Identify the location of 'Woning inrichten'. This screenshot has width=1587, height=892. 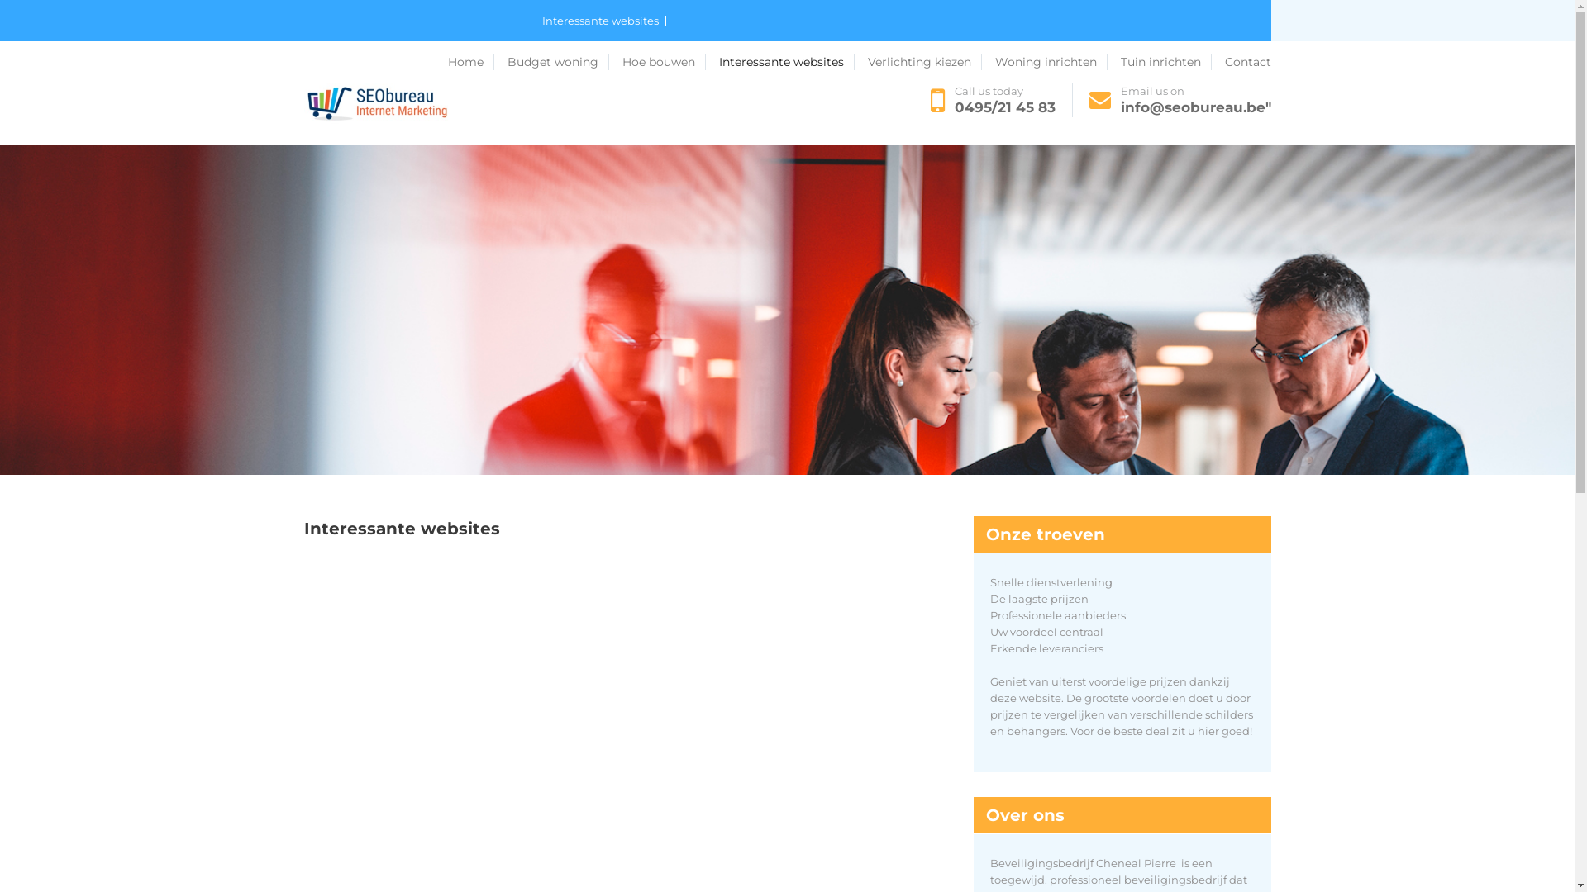
(1051, 60).